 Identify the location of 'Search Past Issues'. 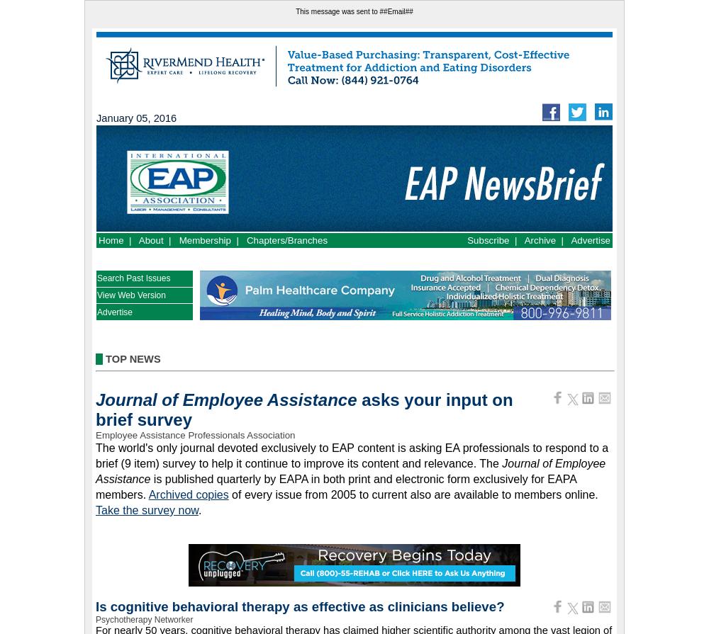
(133, 278).